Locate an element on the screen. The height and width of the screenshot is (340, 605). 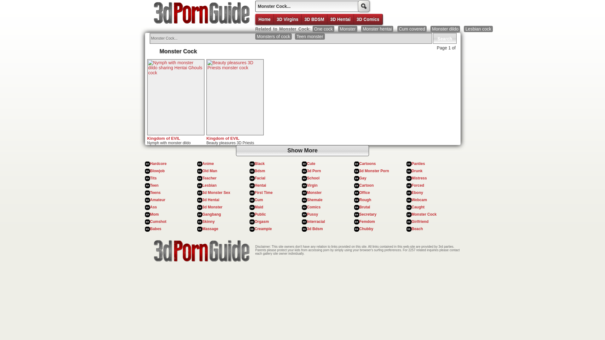
'Caught' is located at coordinates (418, 207).